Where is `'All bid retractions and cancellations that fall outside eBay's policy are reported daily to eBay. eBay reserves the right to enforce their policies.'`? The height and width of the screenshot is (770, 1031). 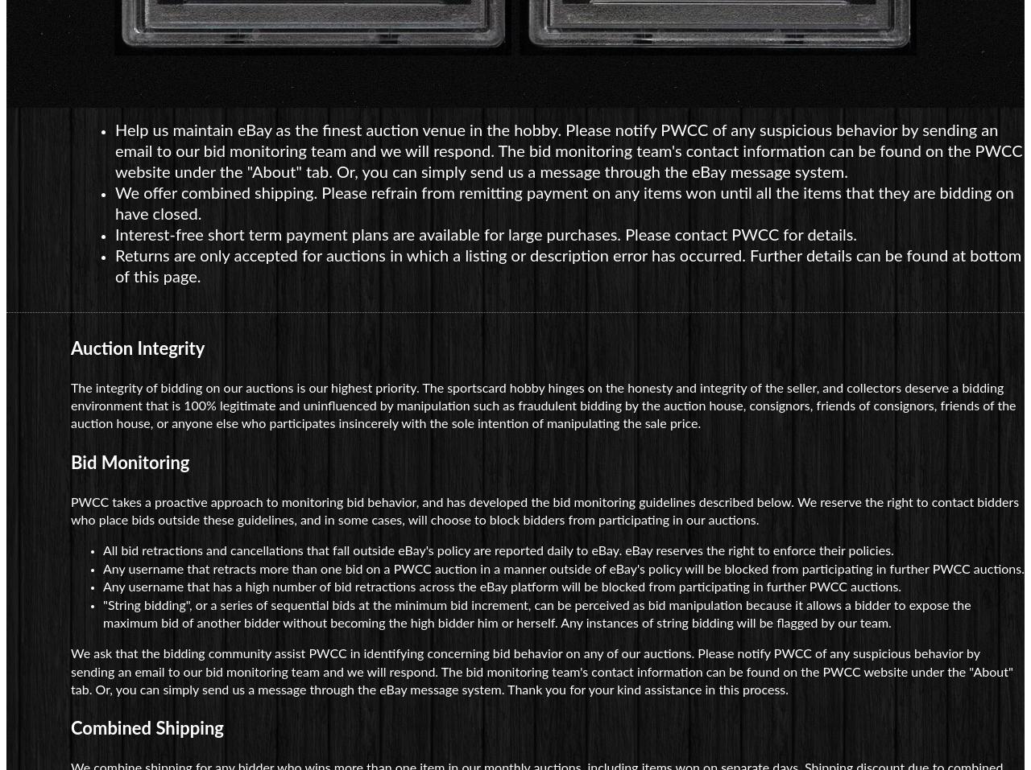 'All bid retractions and cancellations that fall outside eBay's policy are reported daily to eBay. eBay reserves the right to enforce their policies.' is located at coordinates (497, 551).